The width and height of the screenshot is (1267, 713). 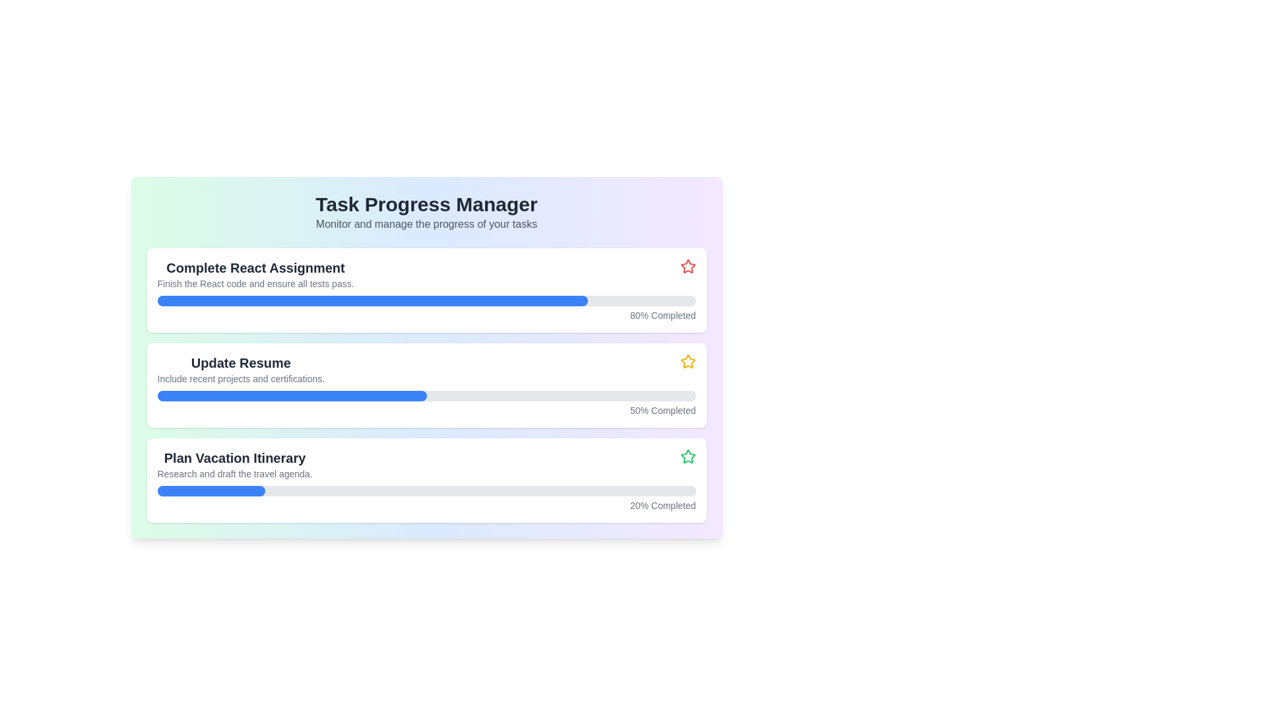 I want to click on the progress percentage represented by the filled portion of the progress bar located under the text 'Complete React Assignment' and above the '80% Completed' indicator, so click(x=372, y=300).